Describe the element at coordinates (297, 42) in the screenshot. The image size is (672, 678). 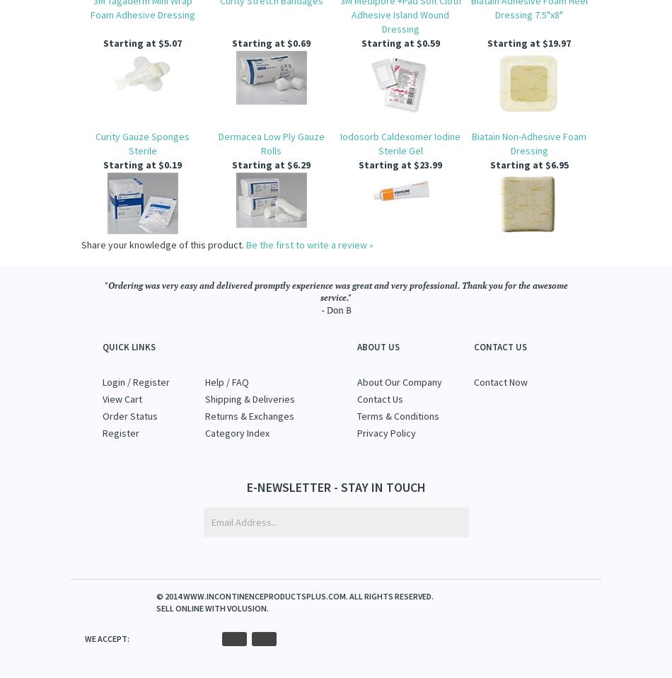
I see `'$0.69'` at that location.